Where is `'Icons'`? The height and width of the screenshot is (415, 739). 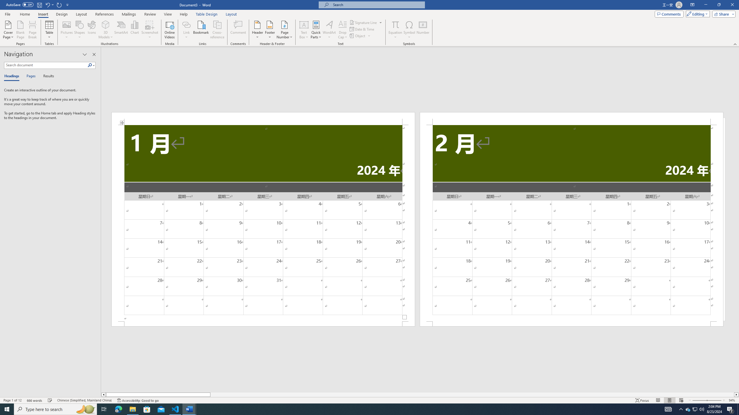 'Icons' is located at coordinates (92, 30).